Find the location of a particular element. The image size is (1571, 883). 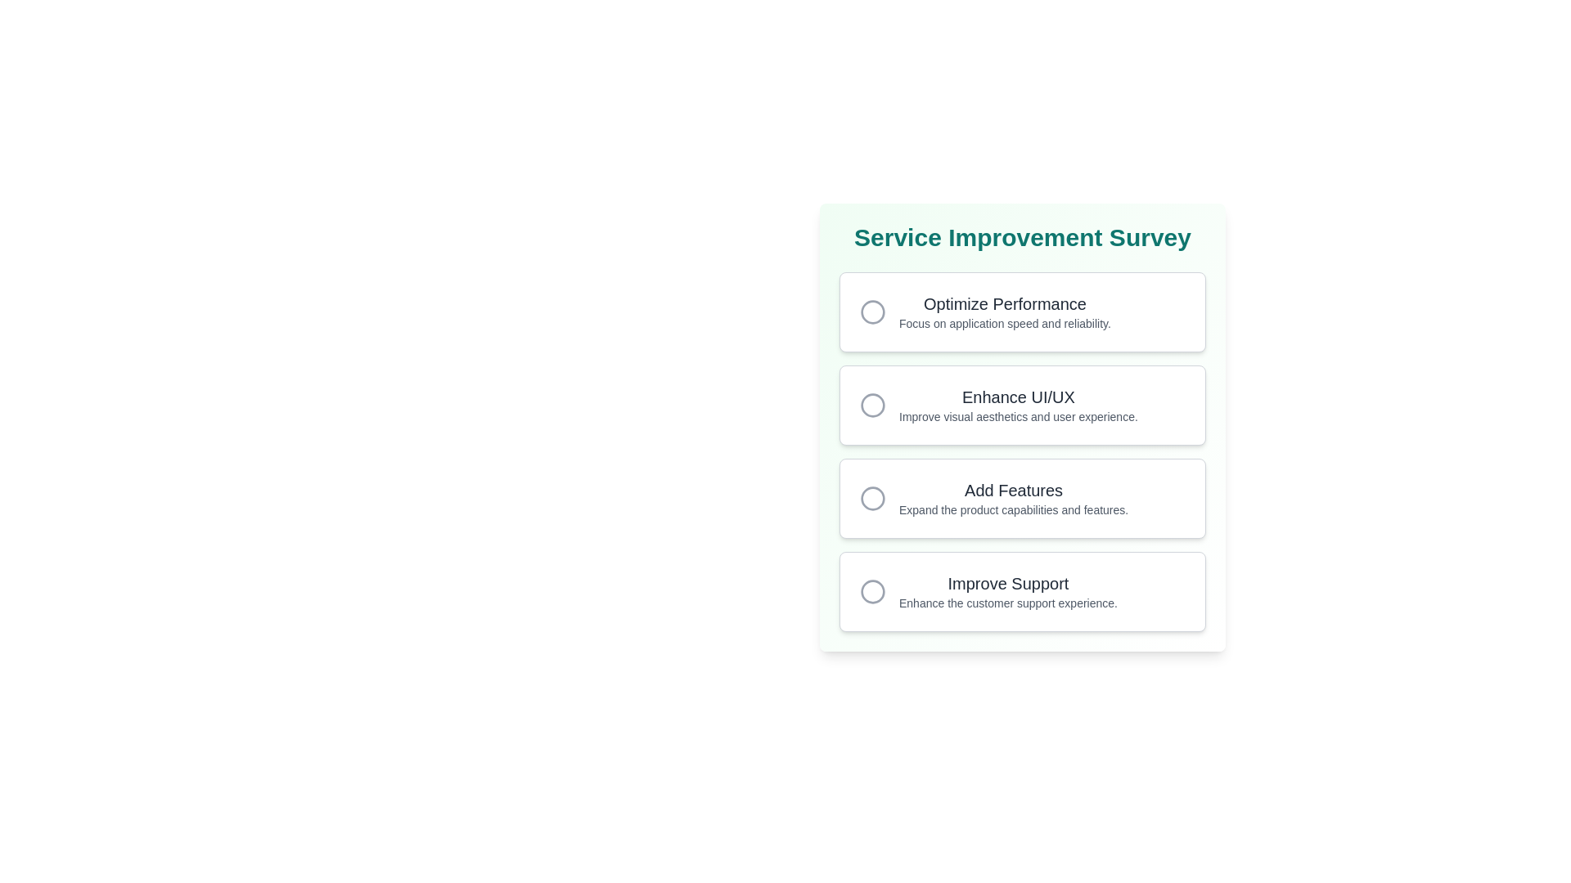

the textual selection option for expanding product capabilities, which is located in the third card of the vertically stacked options is located at coordinates (1013, 497).